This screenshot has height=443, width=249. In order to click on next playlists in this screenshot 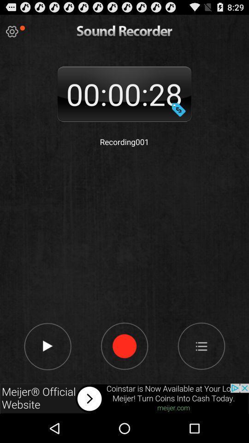, I will do `click(201, 345)`.